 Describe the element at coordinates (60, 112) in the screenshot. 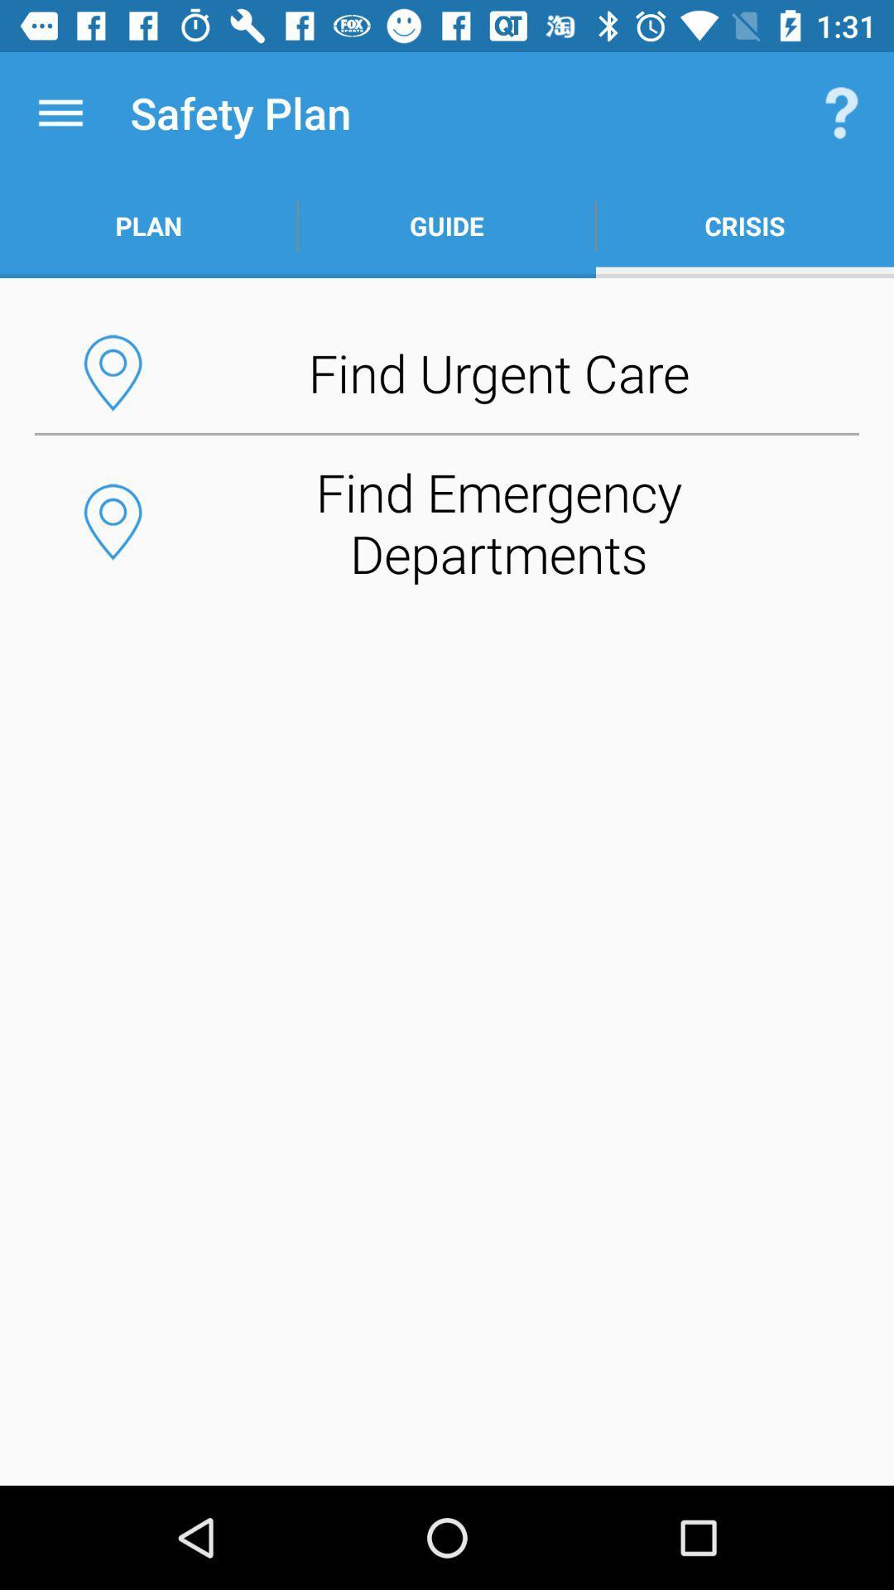

I see `app above the plan` at that location.